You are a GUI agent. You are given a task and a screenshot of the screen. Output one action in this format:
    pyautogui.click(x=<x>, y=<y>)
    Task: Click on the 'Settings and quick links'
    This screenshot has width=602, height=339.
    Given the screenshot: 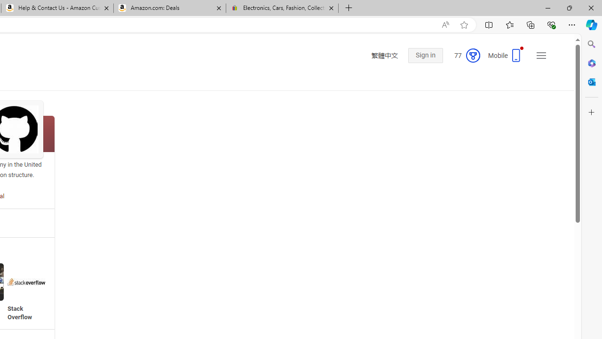 What is the action you would take?
    pyautogui.click(x=541, y=56)
    